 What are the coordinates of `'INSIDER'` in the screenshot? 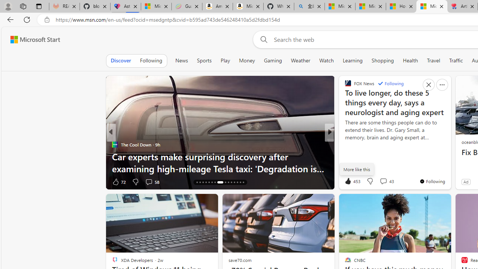 It's located at (344, 145).